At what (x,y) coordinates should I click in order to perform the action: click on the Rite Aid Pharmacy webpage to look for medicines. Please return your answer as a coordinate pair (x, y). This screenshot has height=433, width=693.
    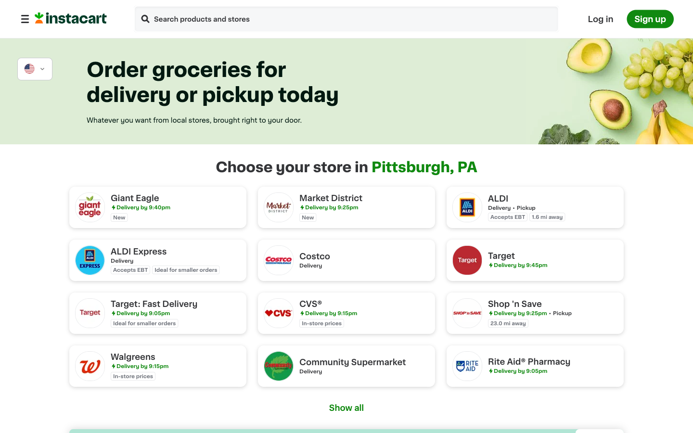
    Looking at the image, I should click on (534, 366).